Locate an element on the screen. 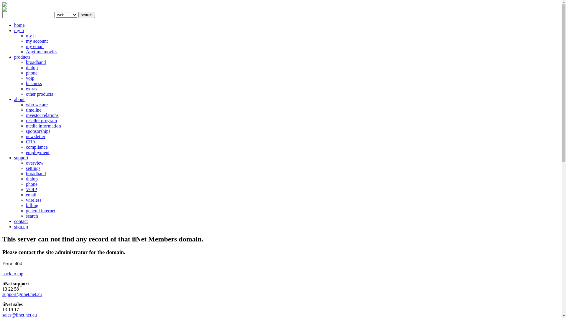 The width and height of the screenshot is (566, 318). 'contact' is located at coordinates (14, 221).